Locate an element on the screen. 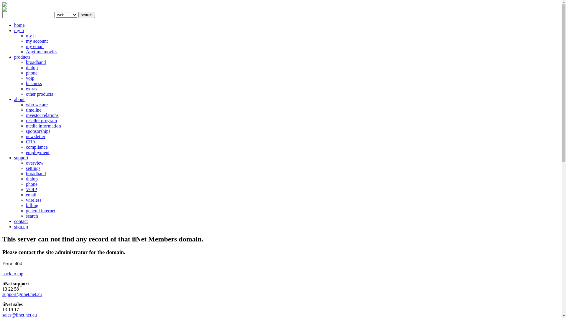 The width and height of the screenshot is (566, 318). 'contact' is located at coordinates (14, 221).